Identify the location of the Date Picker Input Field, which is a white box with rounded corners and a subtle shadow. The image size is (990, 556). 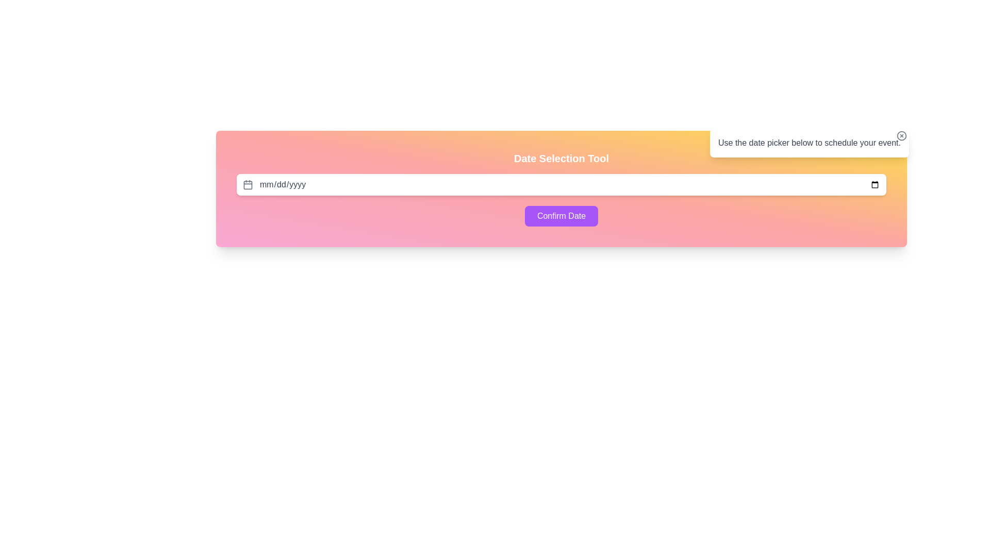
(561, 184).